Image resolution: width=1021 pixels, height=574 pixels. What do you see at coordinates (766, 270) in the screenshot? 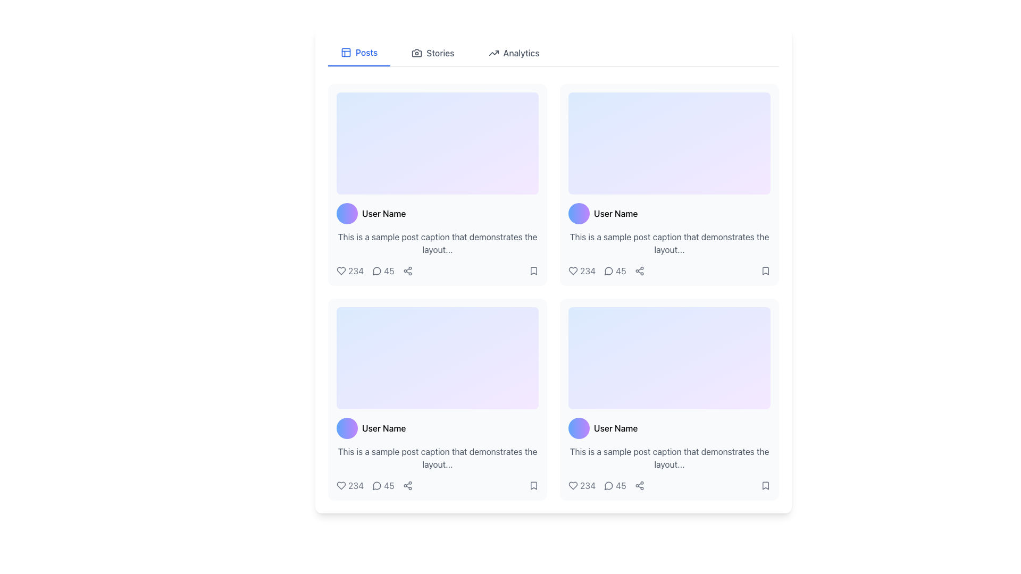
I see `the bookmark-shaped icon, which is a hollow black outline representing a folded flag or ribbon, located at the bottom-right corner of a user post card` at bounding box center [766, 270].